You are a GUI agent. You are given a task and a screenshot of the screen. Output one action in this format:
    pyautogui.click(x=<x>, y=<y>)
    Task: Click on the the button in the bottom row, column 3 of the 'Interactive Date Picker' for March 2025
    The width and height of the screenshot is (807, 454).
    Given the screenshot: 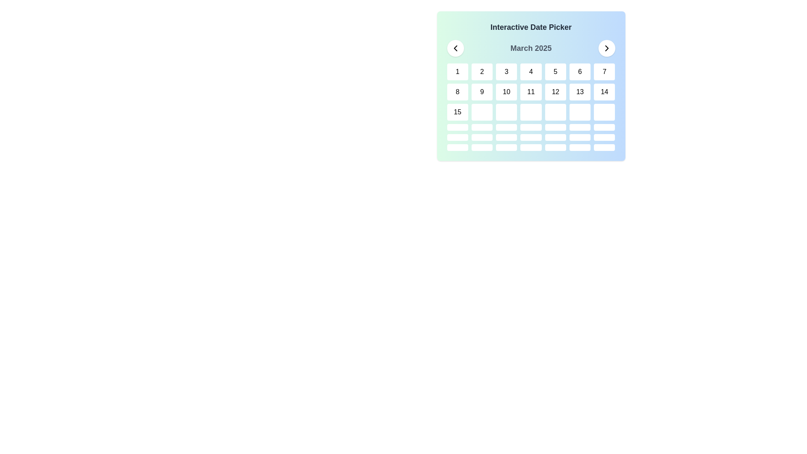 What is the action you would take?
    pyautogui.click(x=506, y=147)
    